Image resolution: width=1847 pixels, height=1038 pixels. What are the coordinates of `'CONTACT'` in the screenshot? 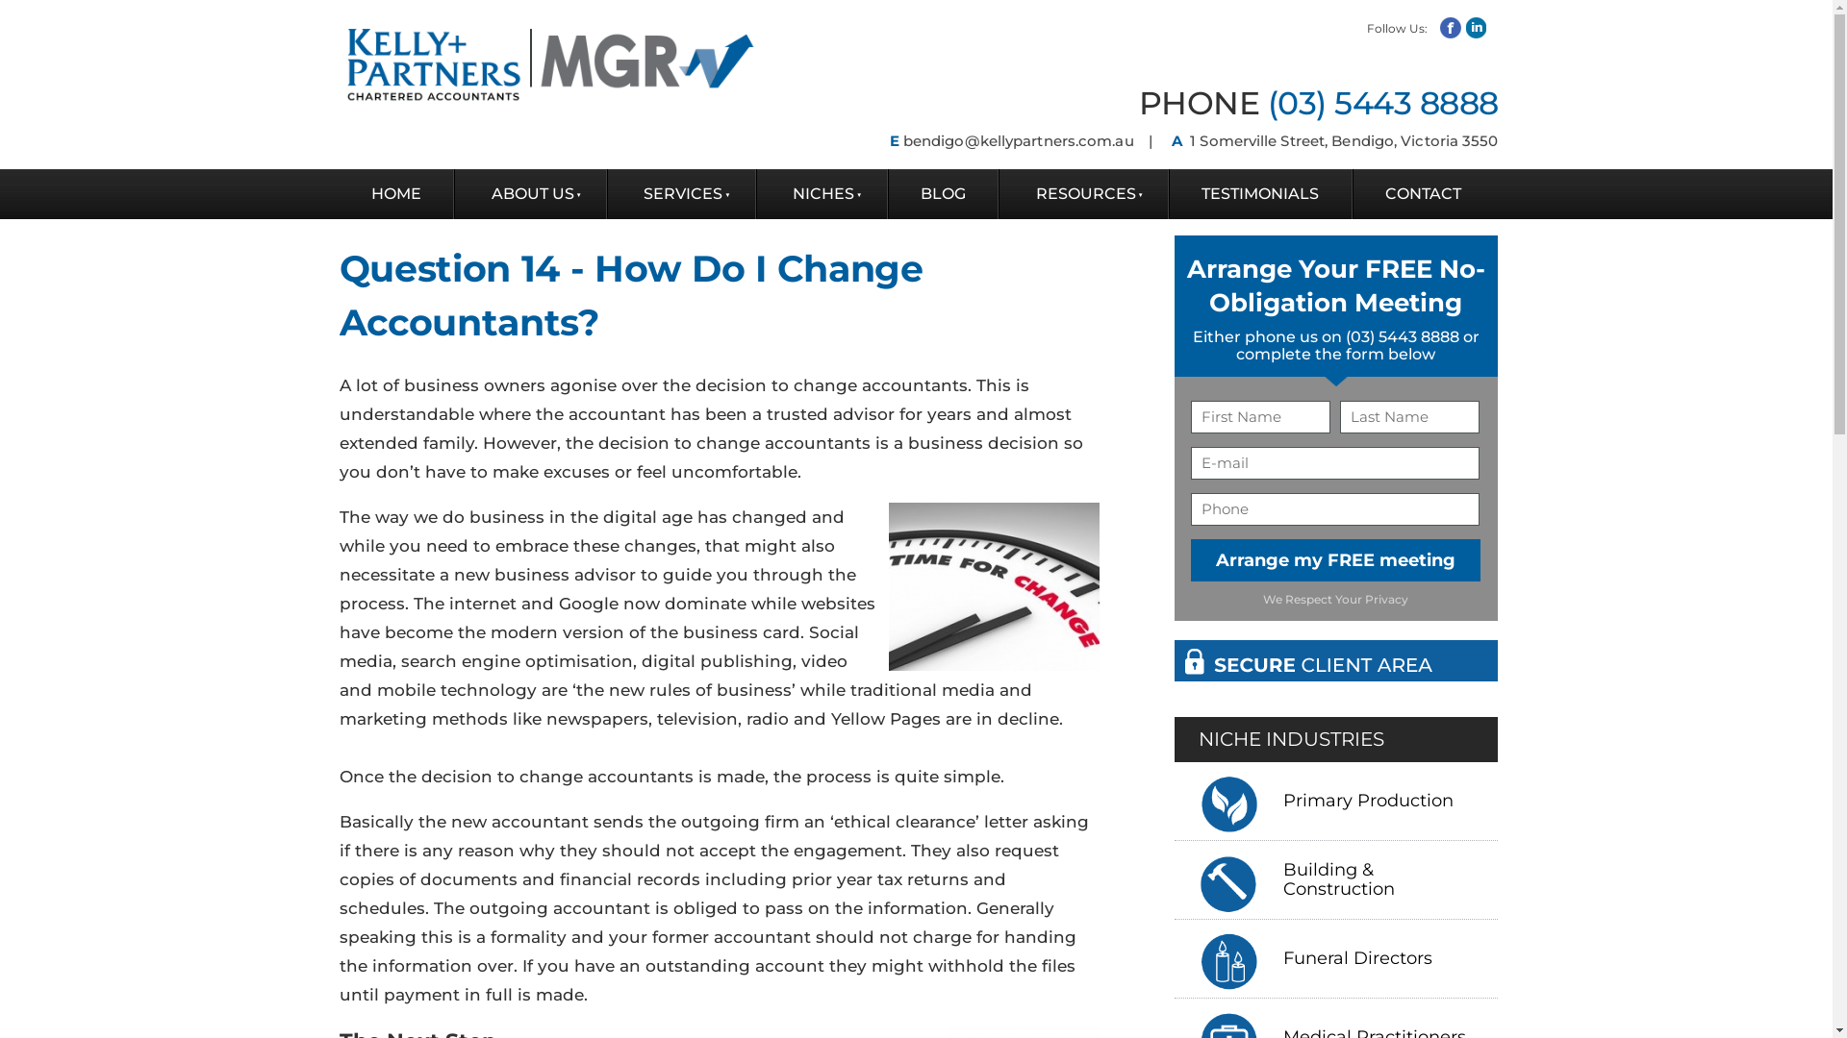 It's located at (1423, 193).